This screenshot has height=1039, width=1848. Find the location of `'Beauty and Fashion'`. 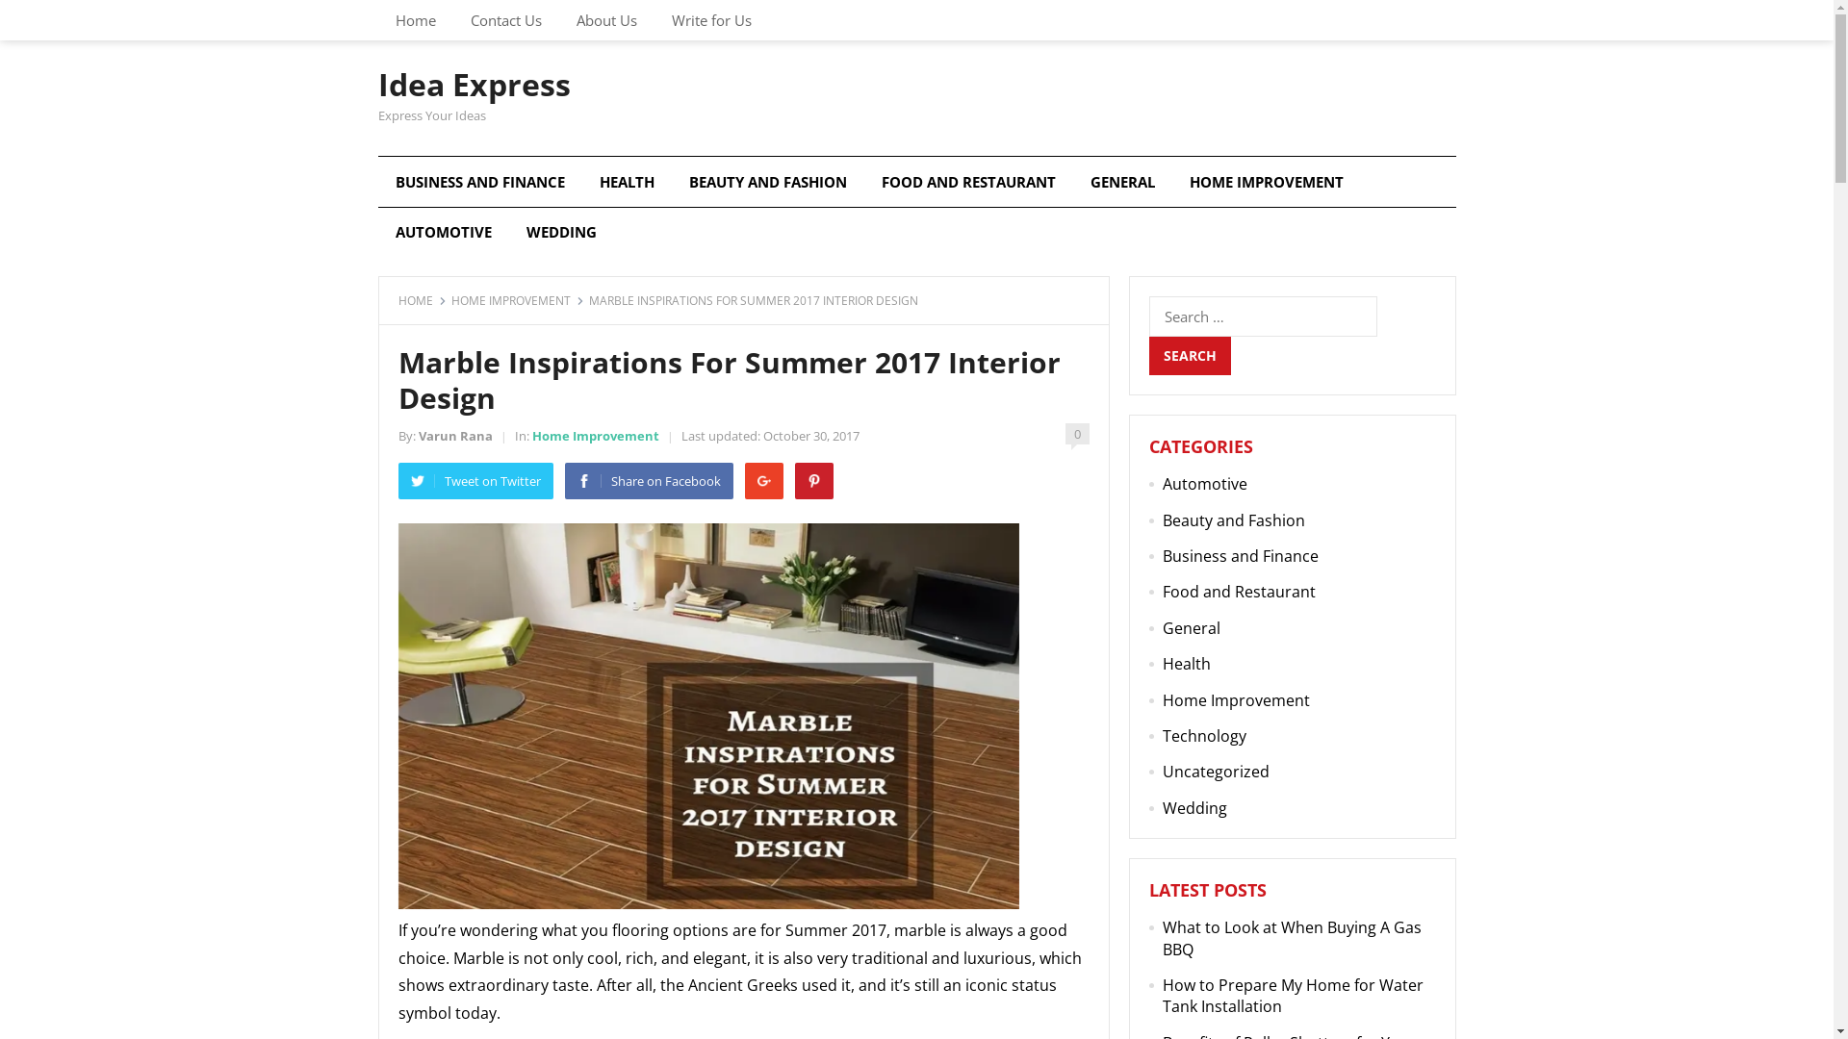

'Beauty and Fashion' is located at coordinates (1233, 519).